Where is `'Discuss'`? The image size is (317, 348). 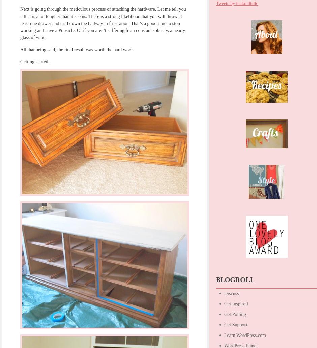
'Discuss' is located at coordinates (231, 293).